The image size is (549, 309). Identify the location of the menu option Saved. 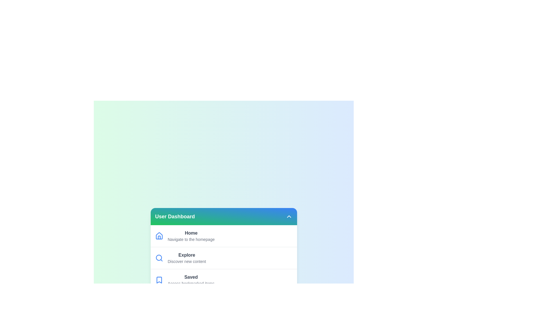
(223, 280).